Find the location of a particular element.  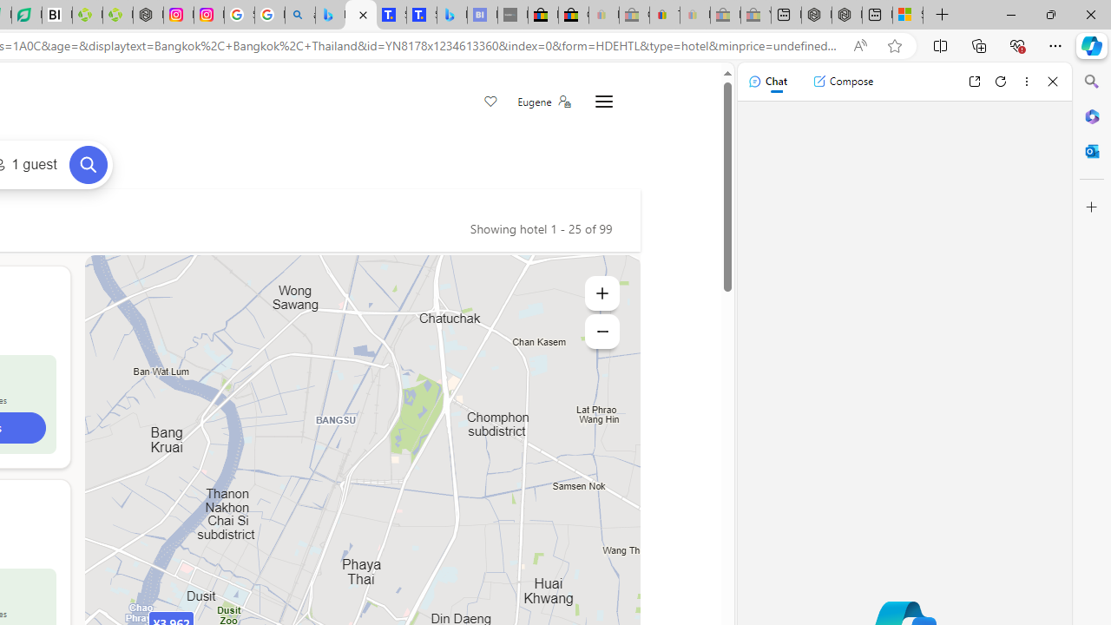

'Yard, Garden & Outdoor Living - Sleeping' is located at coordinates (756, 15).